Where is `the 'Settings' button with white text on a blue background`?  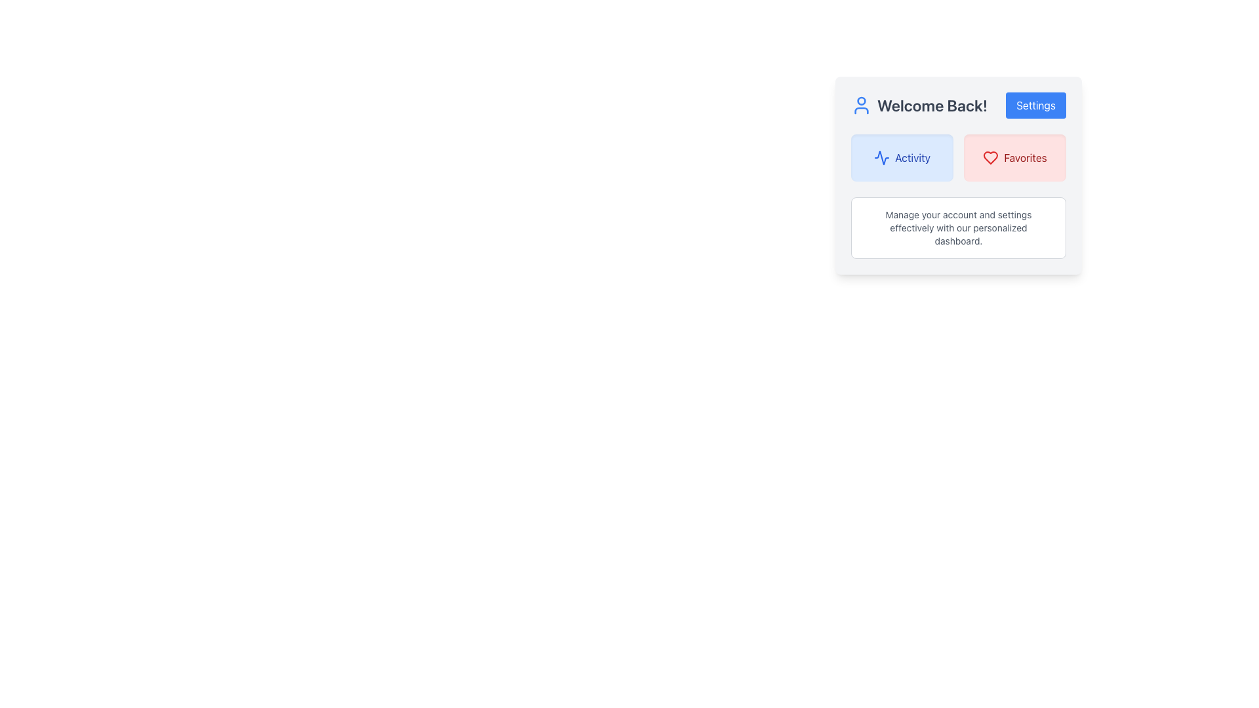
the 'Settings' button with white text on a blue background is located at coordinates (1035, 105).